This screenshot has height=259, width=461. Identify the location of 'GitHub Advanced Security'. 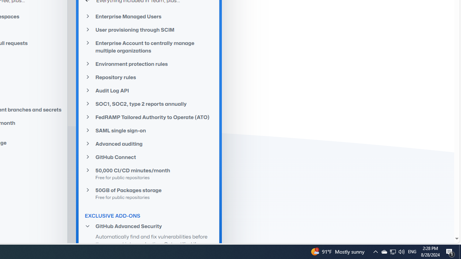
(149, 226).